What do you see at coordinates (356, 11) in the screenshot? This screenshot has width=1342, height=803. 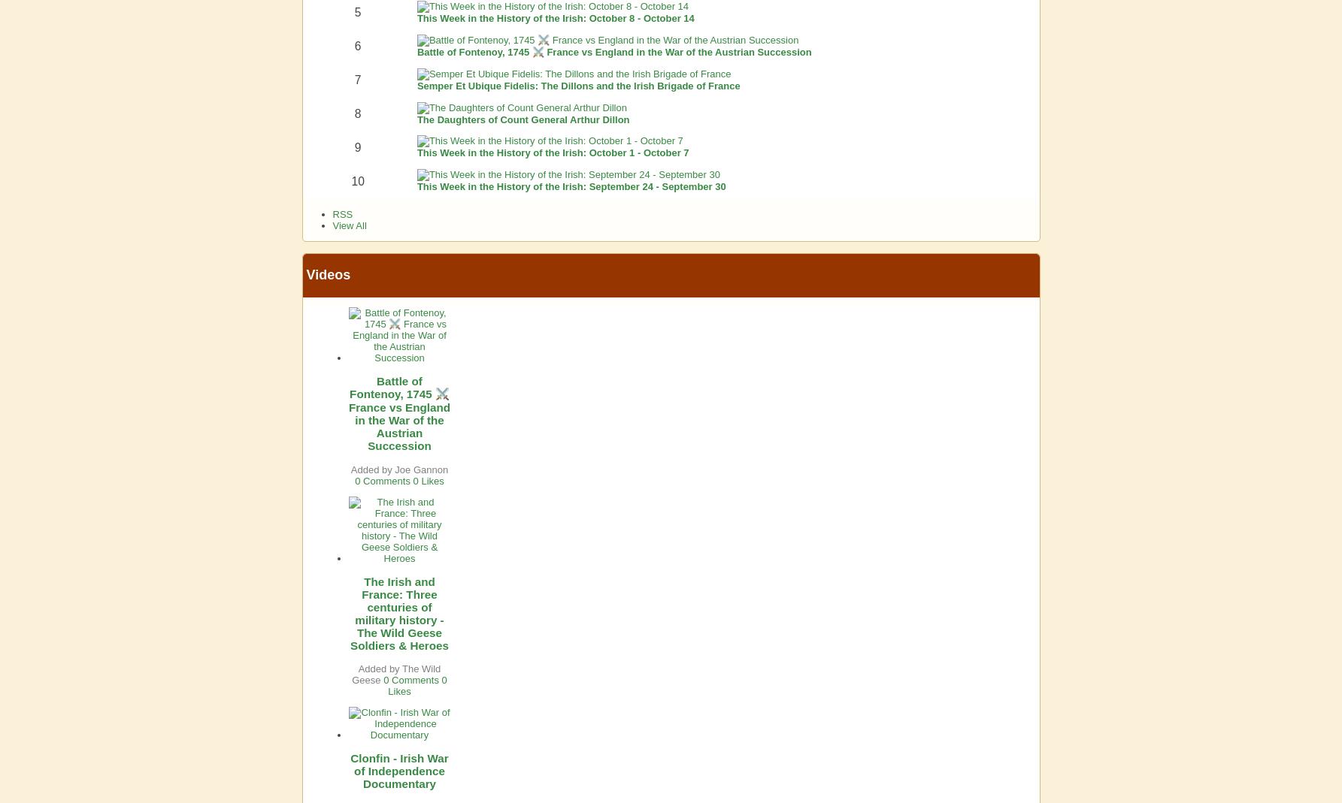 I see `'5'` at bounding box center [356, 11].